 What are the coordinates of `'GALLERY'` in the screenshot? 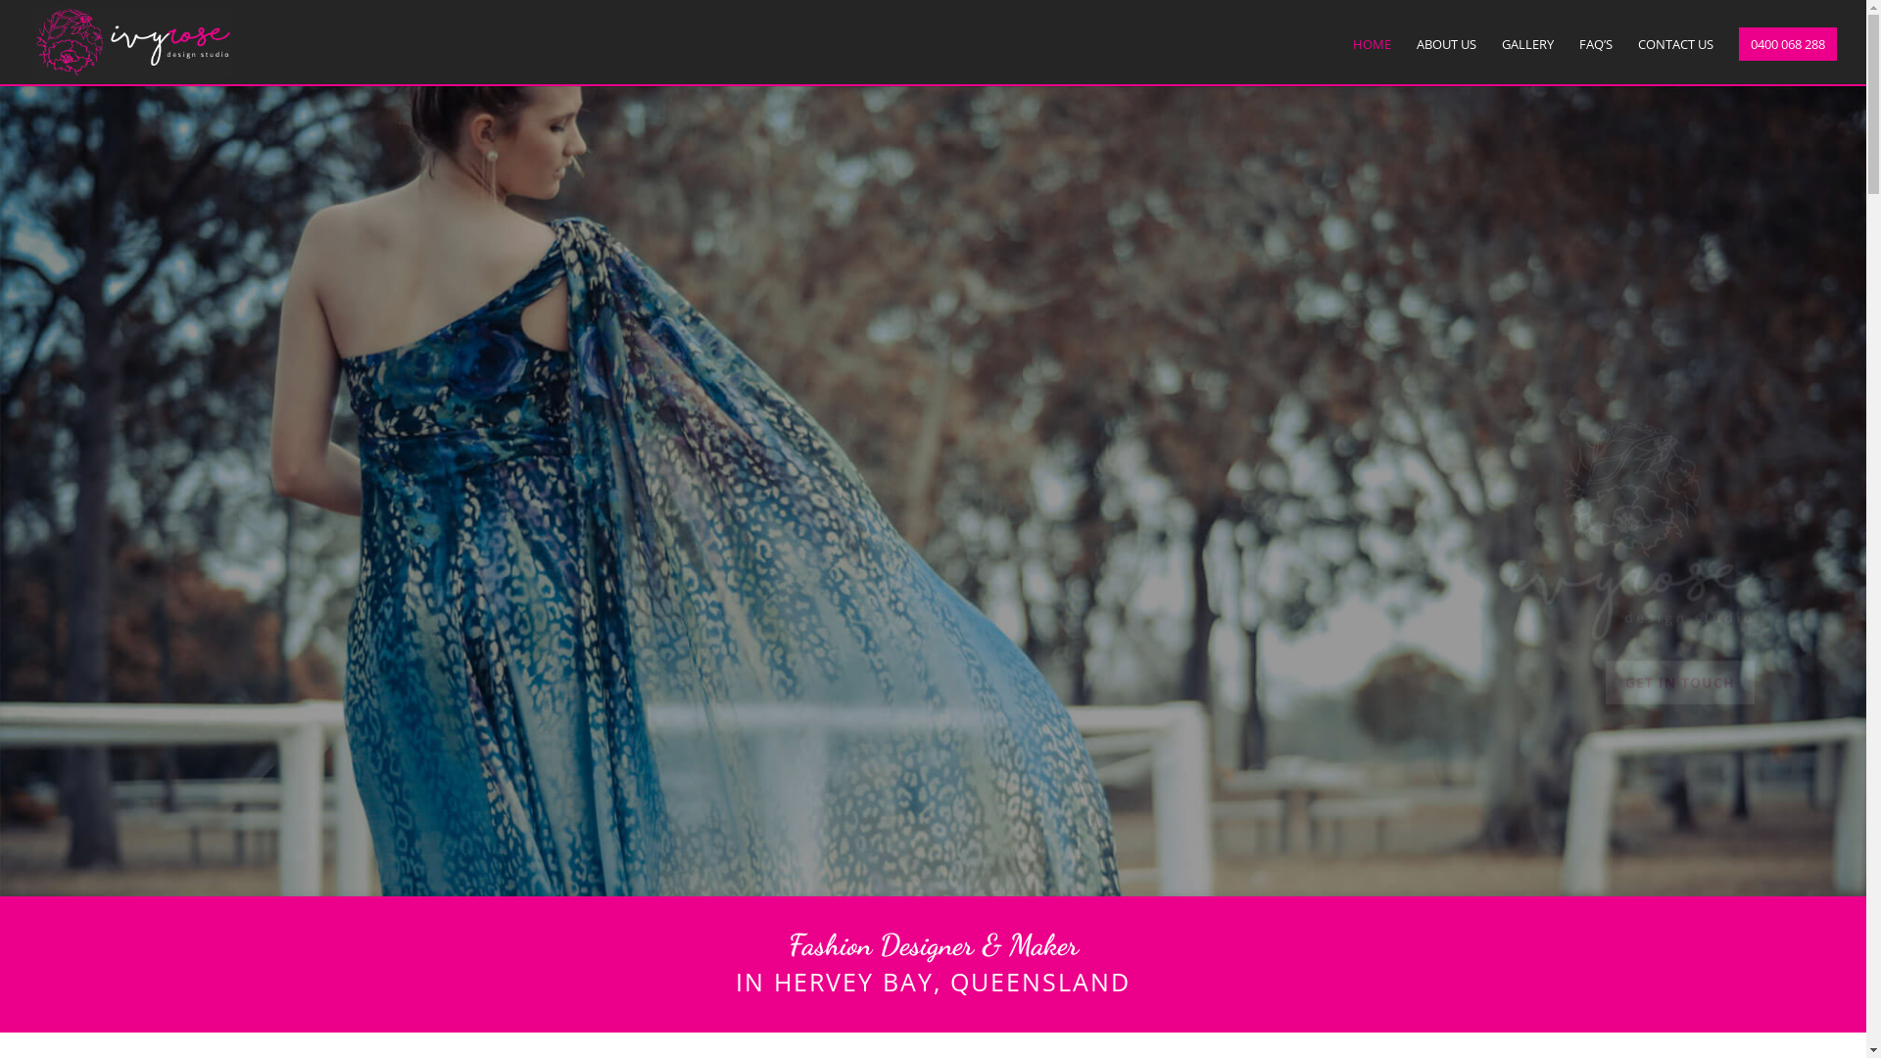 It's located at (1500, 56).